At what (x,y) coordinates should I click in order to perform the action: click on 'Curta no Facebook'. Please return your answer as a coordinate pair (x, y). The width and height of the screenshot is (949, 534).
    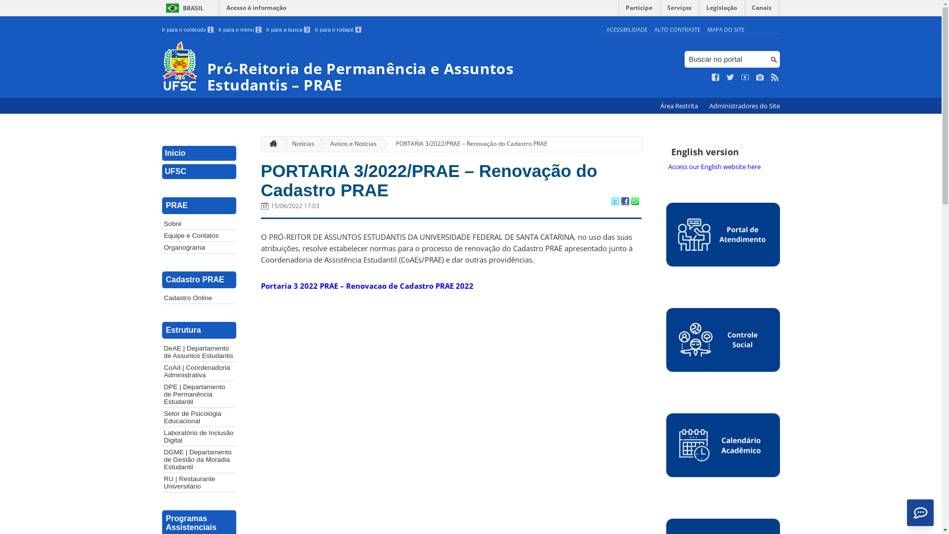
    Looking at the image, I should click on (712, 77).